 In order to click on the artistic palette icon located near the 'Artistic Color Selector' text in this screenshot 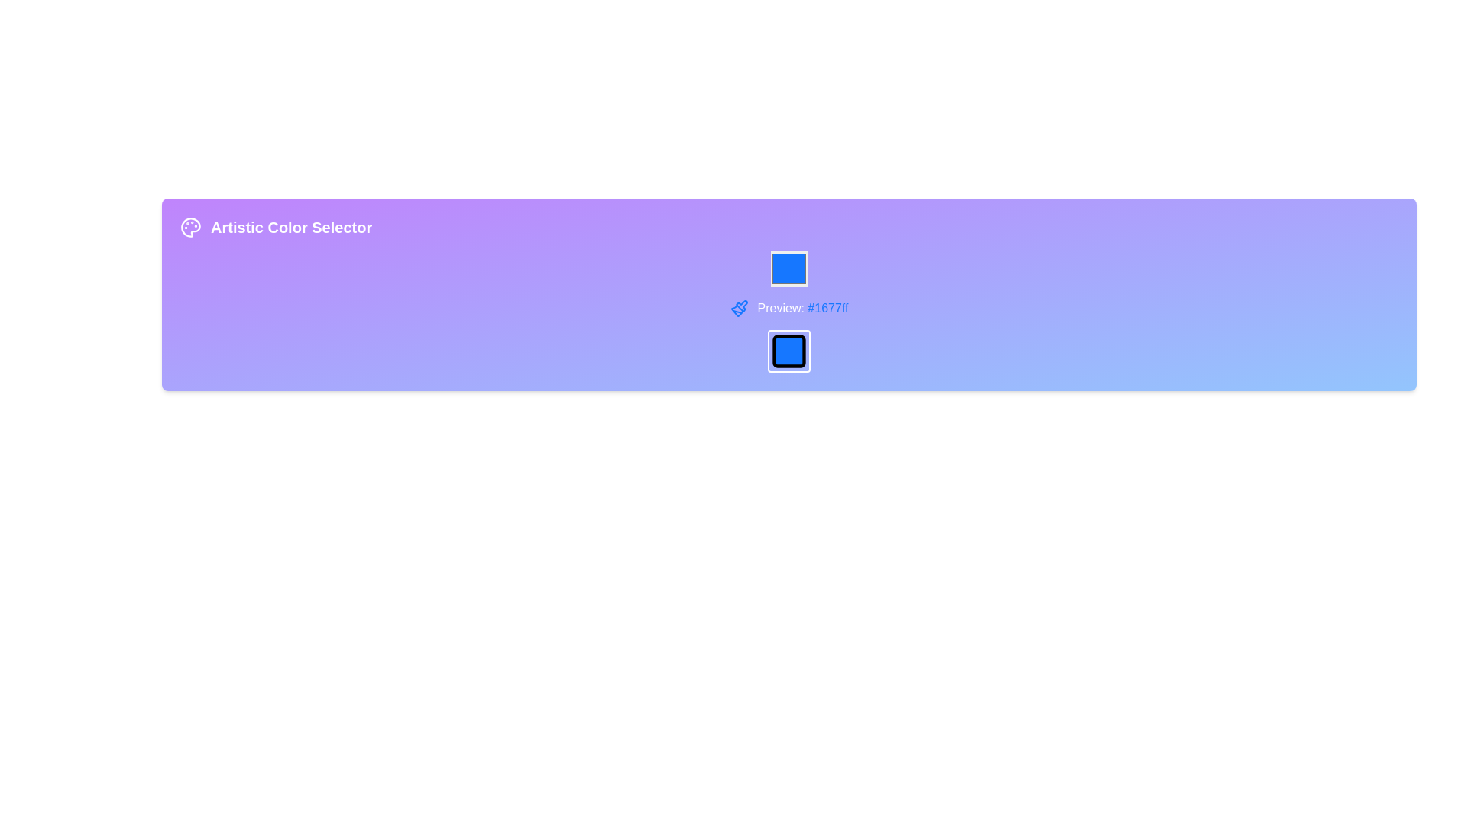, I will do `click(189, 227)`.